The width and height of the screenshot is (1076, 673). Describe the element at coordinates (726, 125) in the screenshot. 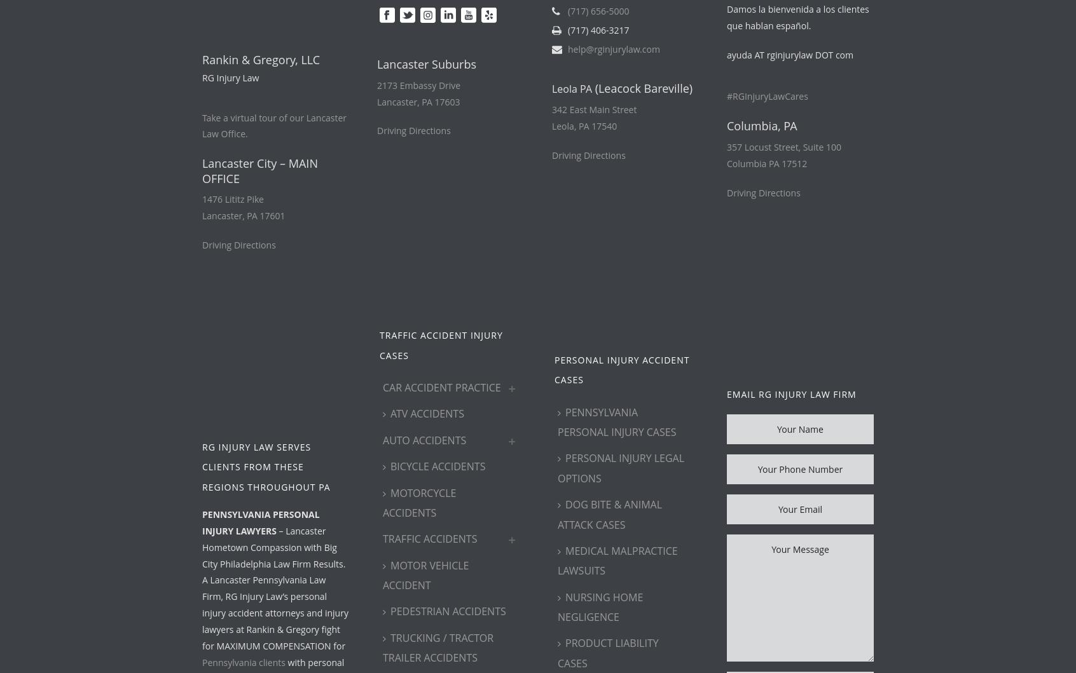

I see `'Columbia, PA'` at that location.